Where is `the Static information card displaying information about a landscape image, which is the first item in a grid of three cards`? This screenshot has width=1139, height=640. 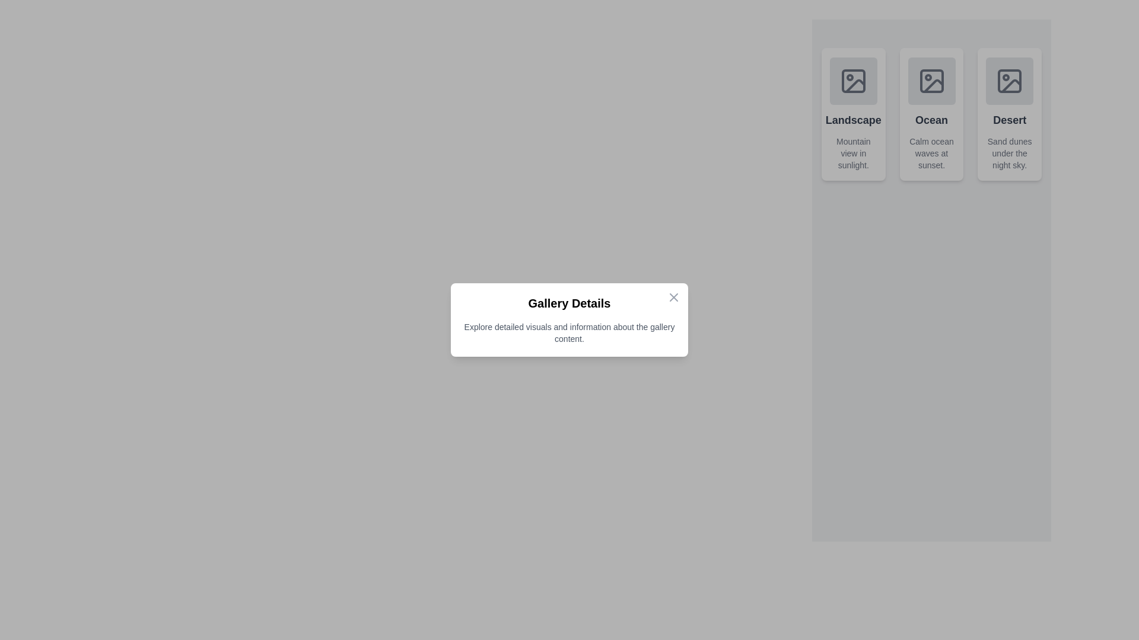
the Static information card displaying information about a landscape image, which is the first item in a grid of three cards is located at coordinates (852, 114).